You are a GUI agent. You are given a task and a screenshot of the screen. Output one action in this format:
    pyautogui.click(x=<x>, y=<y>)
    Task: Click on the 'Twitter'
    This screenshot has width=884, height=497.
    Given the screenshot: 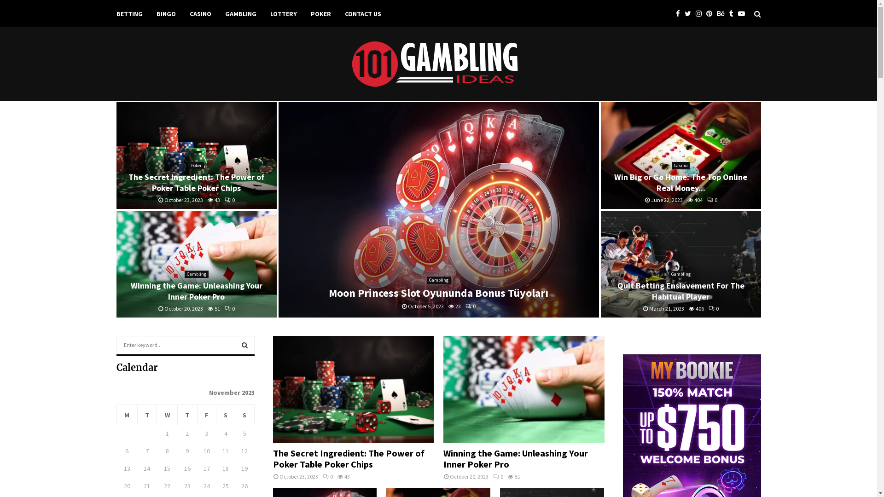 What is the action you would take?
    pyautogui.click(x=689, y=14)
    